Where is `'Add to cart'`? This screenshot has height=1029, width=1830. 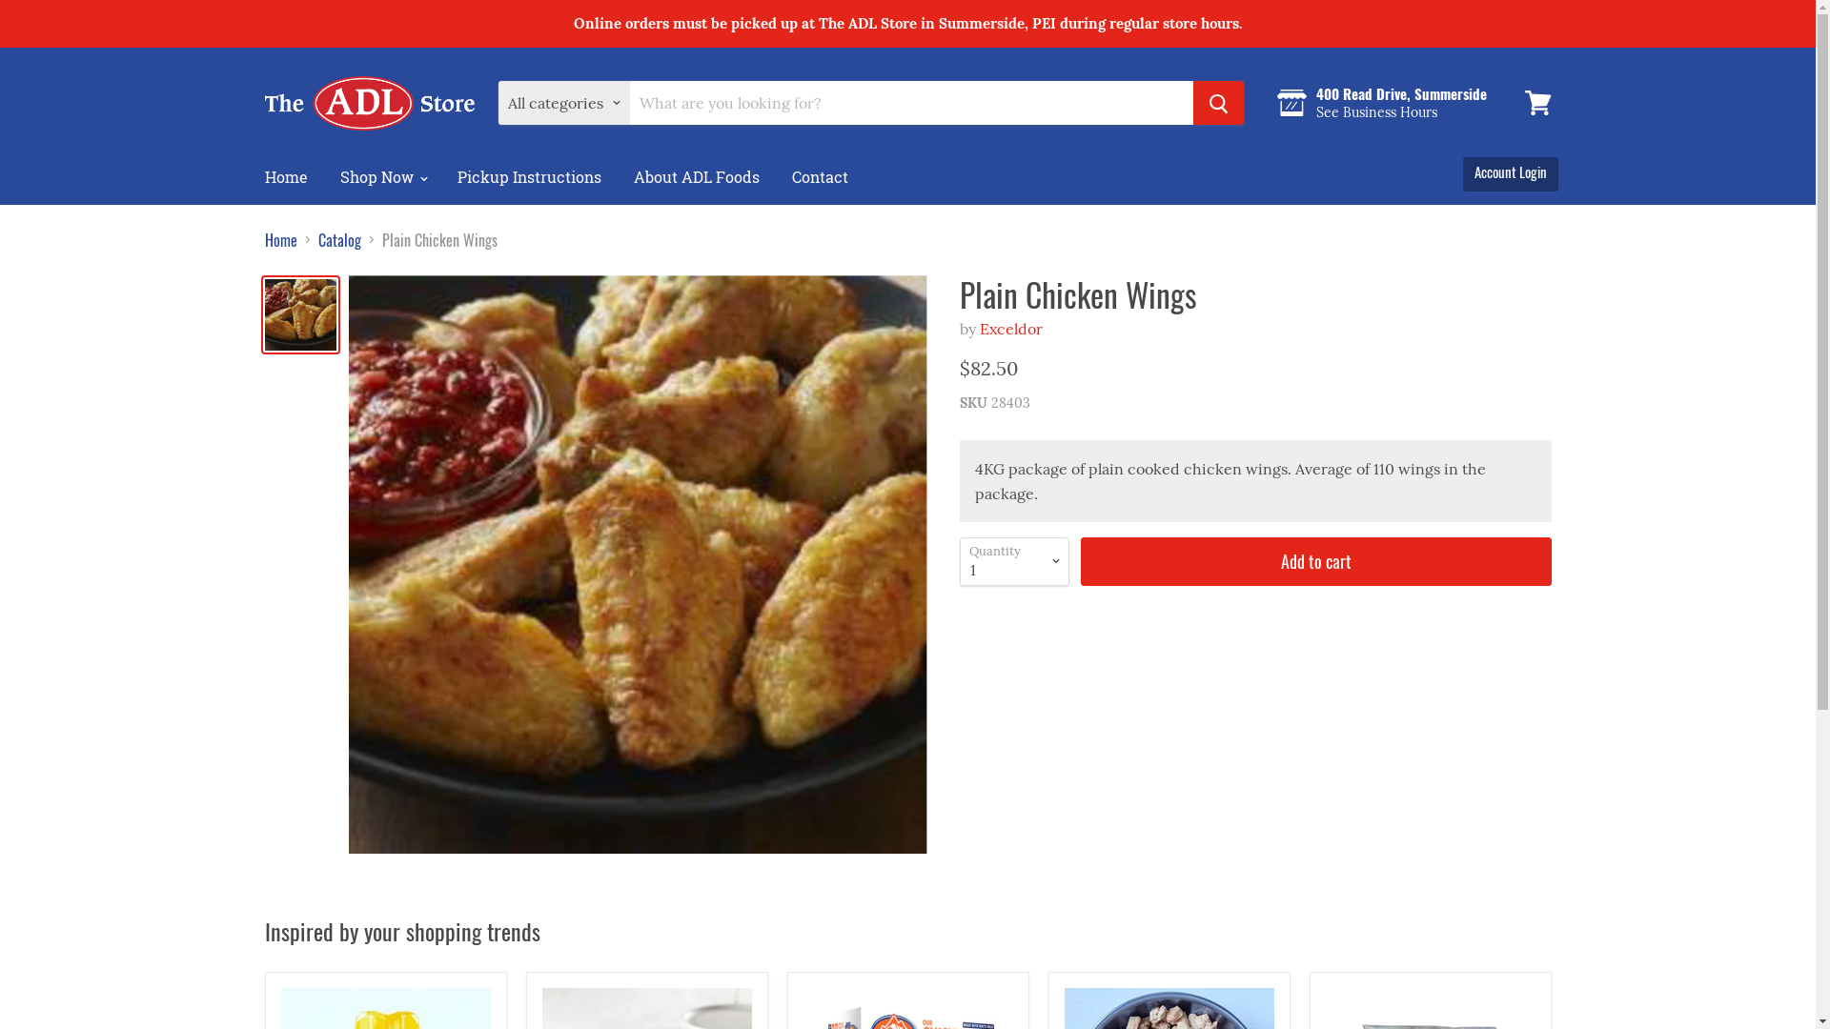
'Add to cart' is located at coordinates (1315, 560).